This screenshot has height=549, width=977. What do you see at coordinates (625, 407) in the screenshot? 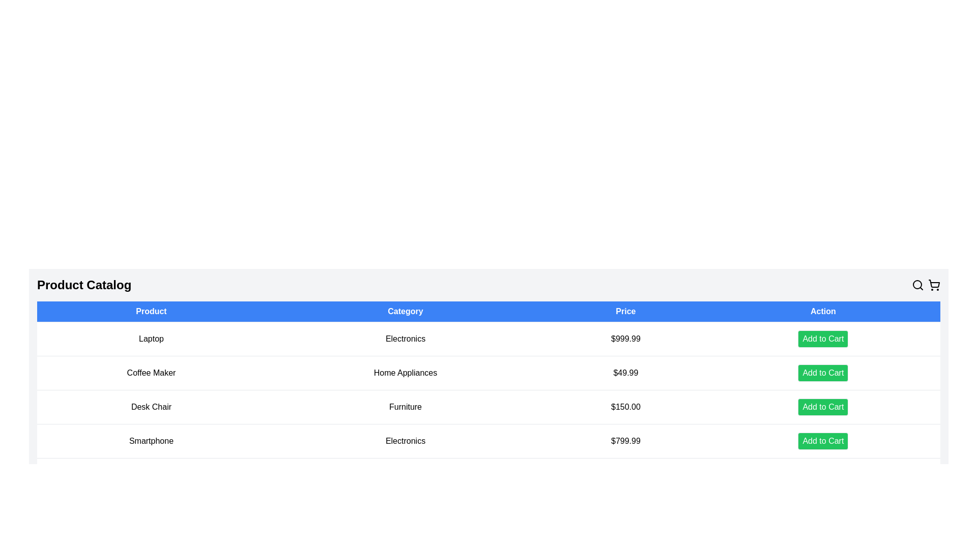
I see `the price label for the 'Desk Chair' item located in the third row of the table under the 'Price' column` at bounding box center [625, 407].